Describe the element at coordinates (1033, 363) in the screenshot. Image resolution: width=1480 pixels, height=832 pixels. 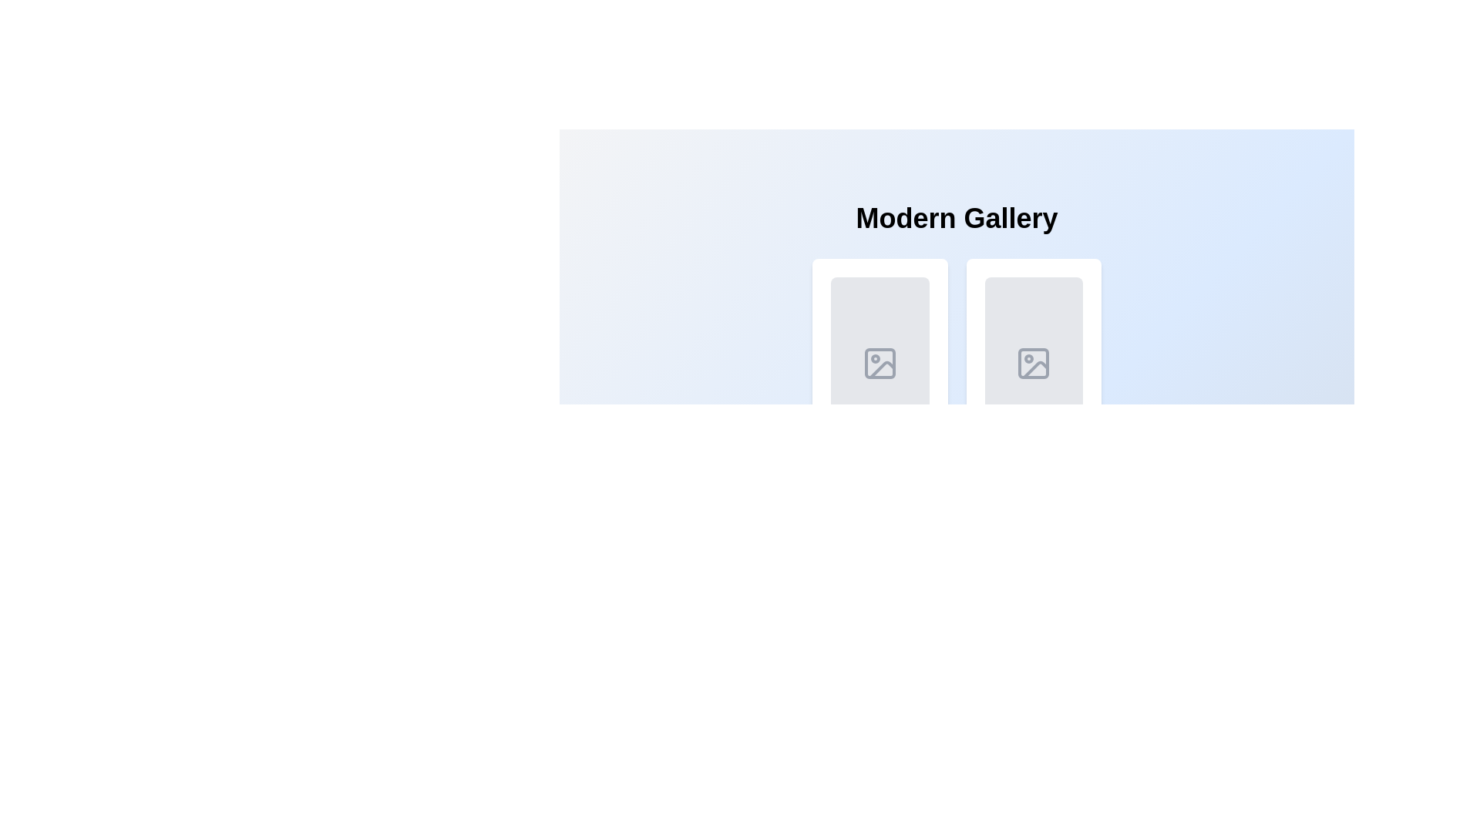
I see `the image-related action icon located in the right cell under the 'Modern Gallery' header, within a gray background box with rounded corners` at that location.